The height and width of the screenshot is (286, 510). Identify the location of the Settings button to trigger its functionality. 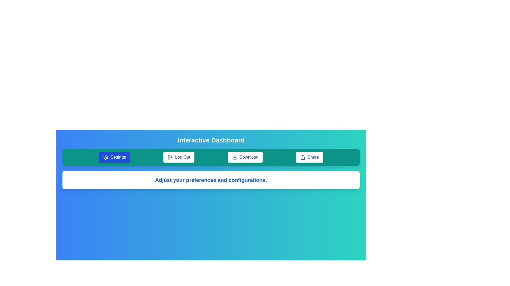
(114, 157).